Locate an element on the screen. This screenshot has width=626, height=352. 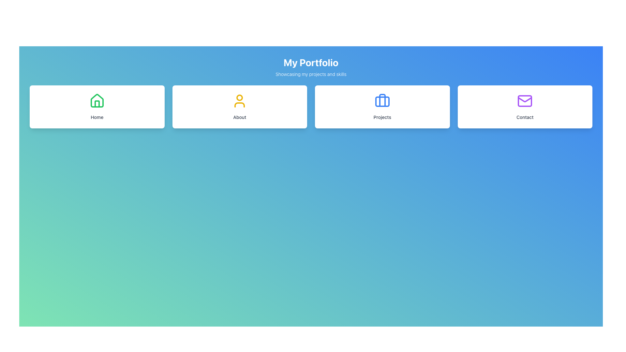
the 'Projects' card, which is the third card from the left in a horizontal grid of four cards is located at coordinates (382, 106).